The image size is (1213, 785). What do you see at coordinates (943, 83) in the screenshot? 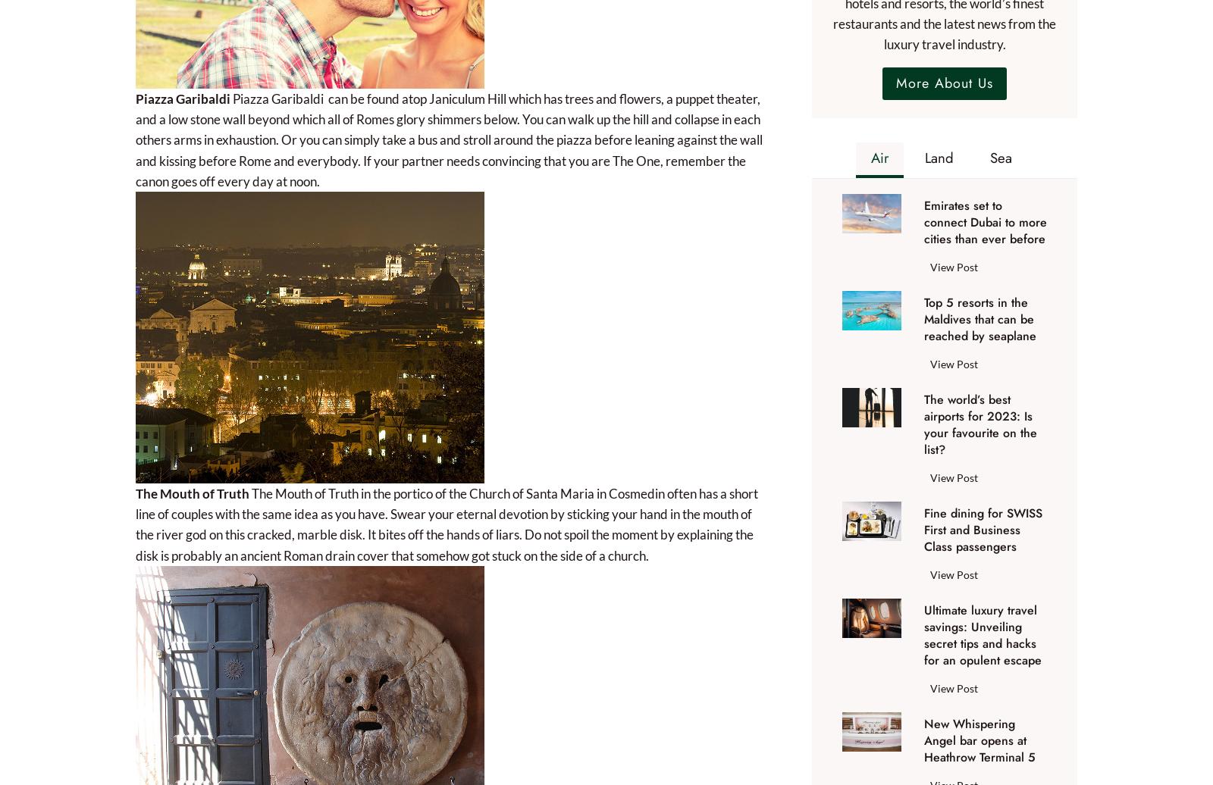
I see `'More About Us'` at bounding box center [943, 83].